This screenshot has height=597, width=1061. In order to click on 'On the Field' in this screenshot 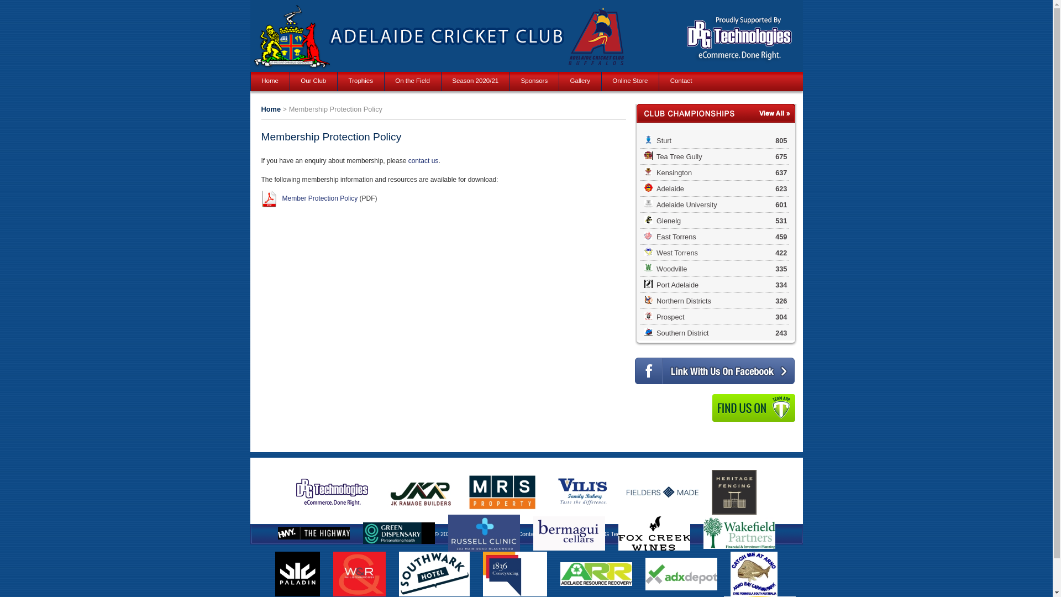, I will do `click(412, 80)`.